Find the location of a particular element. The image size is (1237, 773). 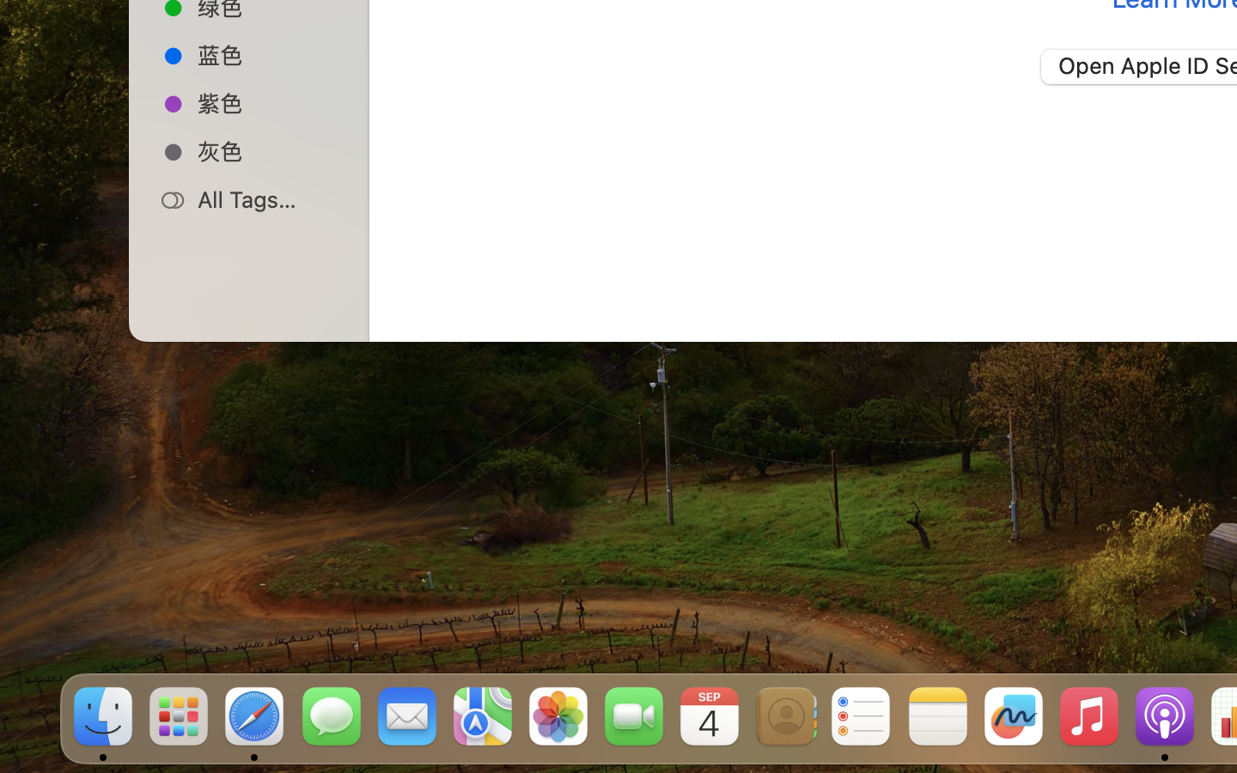

'紫色' is located at coordinates (267, 102).